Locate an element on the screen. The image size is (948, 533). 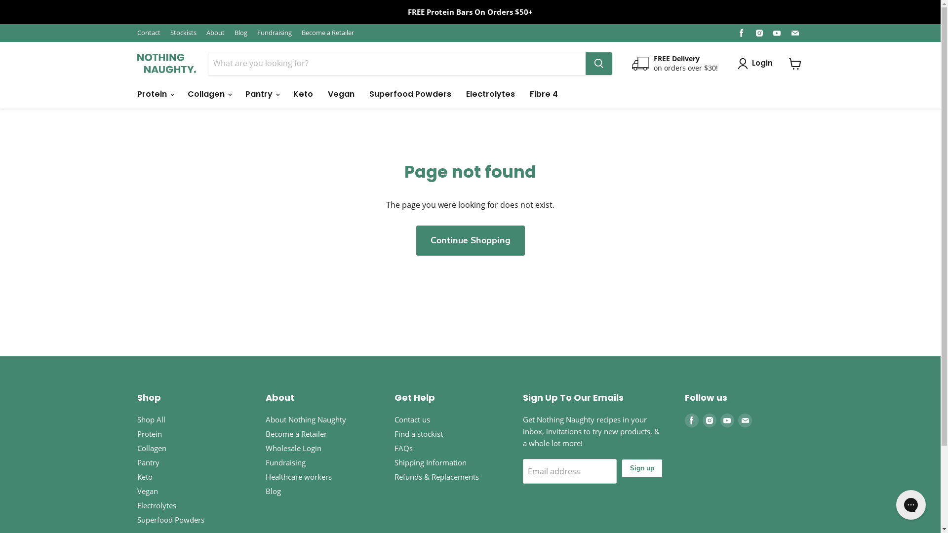
'Gorgias live chat messenger' is located at coordinates (910, 504).